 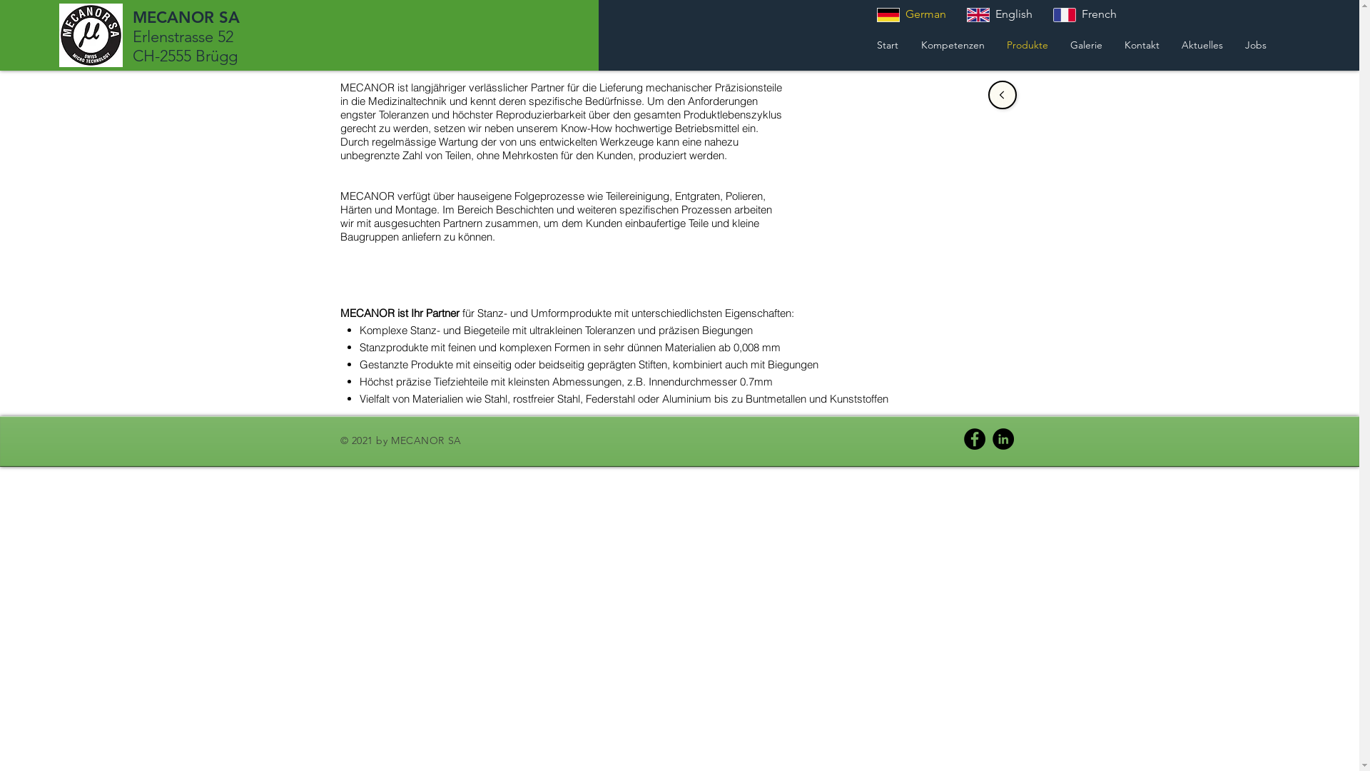 What do you see at coordinates (865, 44) in the screenshot?
I see `'Start'` at bounding box center [865, 44].